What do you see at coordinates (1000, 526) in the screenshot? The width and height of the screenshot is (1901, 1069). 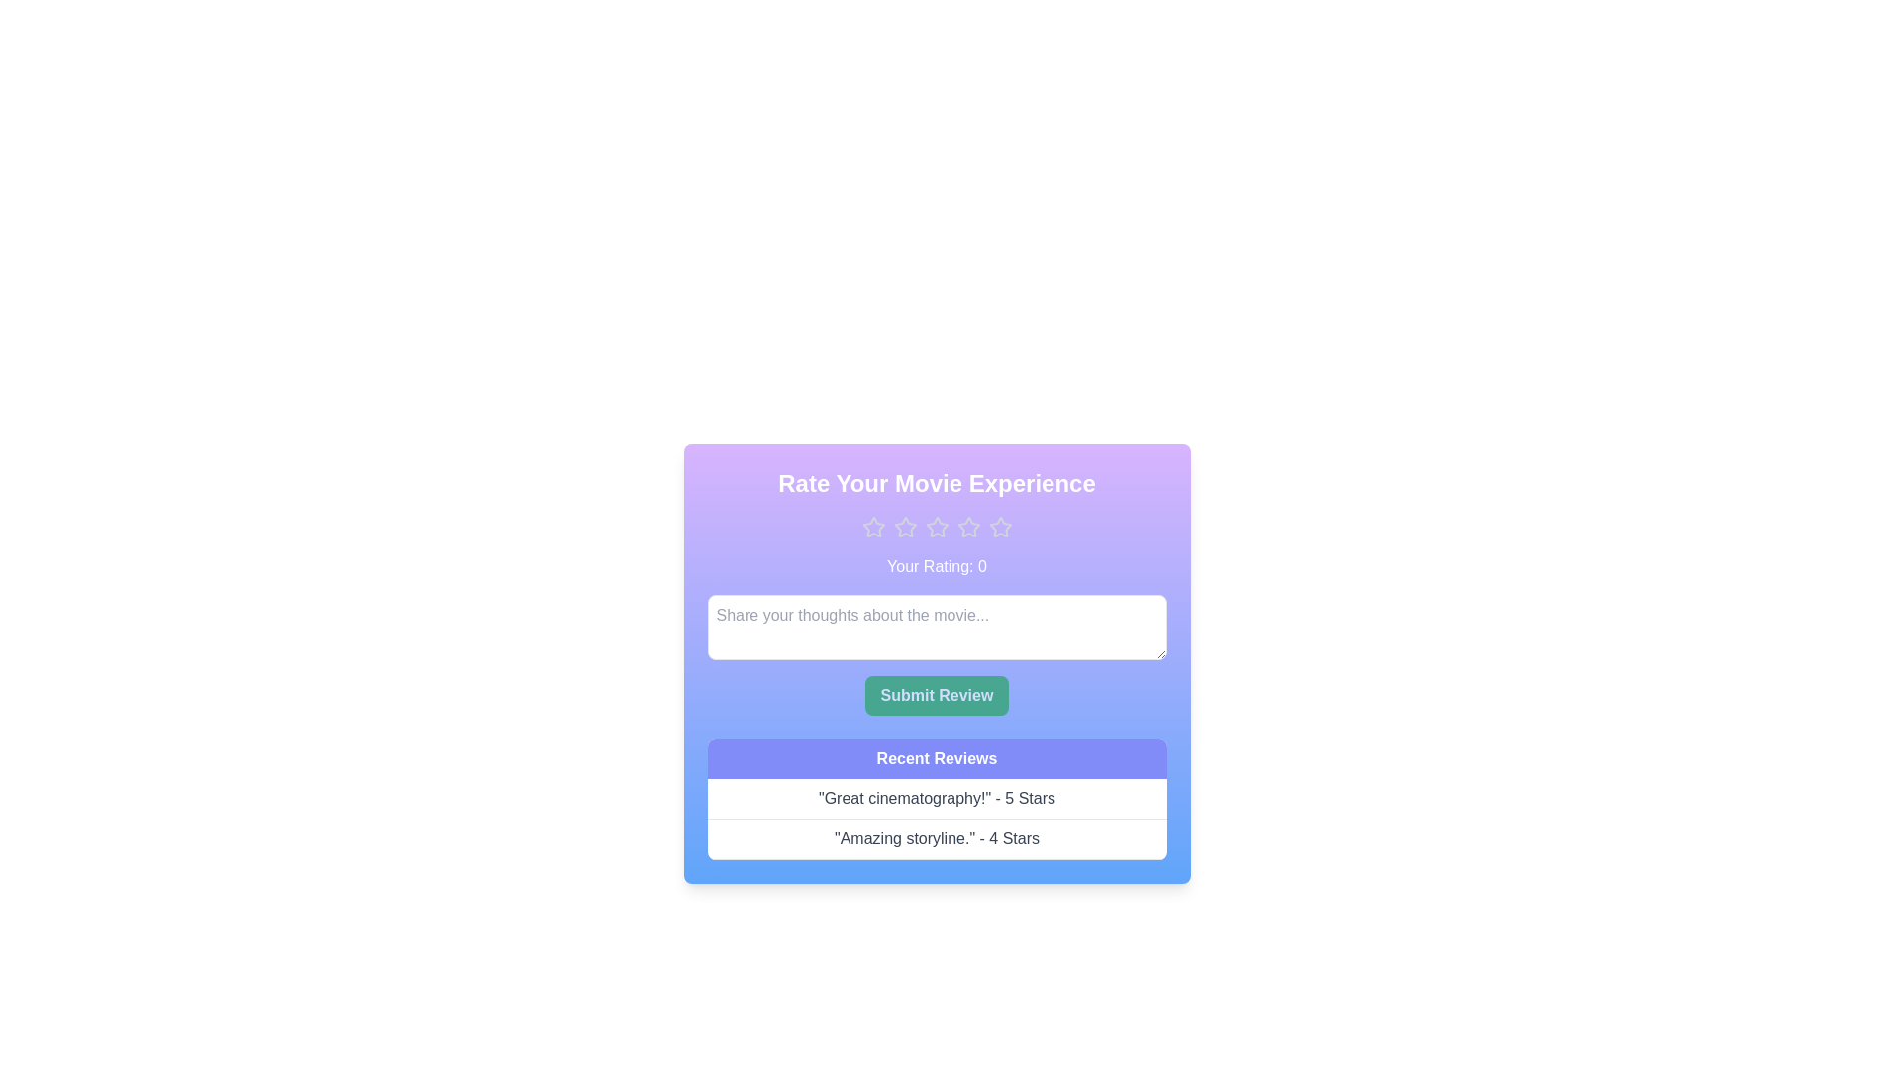 I see `the star corresponding to the desired rating 5` at bounding box center [1000, 526].